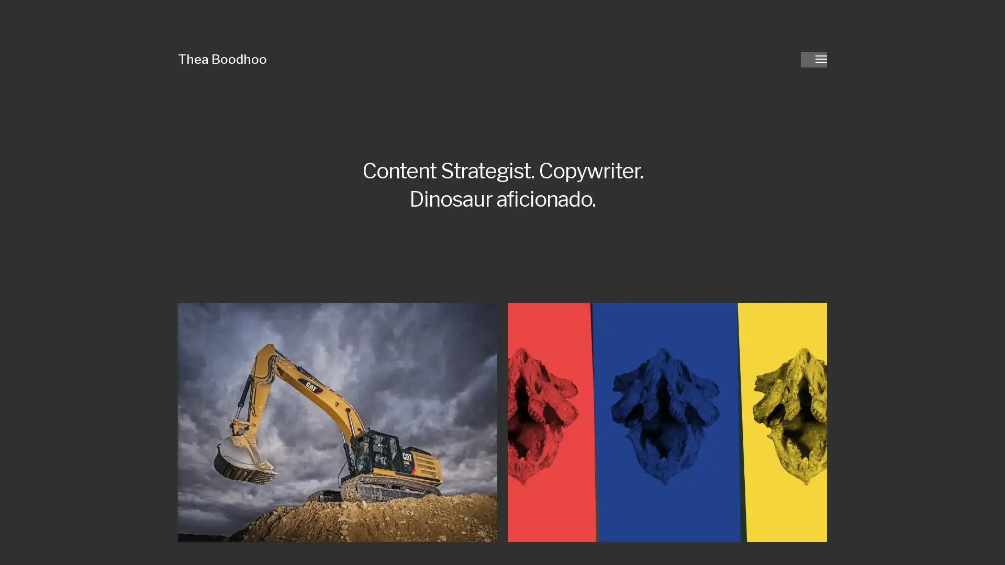 The height and width of the screenshot is (565, 1005). Describe the element at coordinates (813, 60) in the screenshot. I see `Toggle menu` at that location.